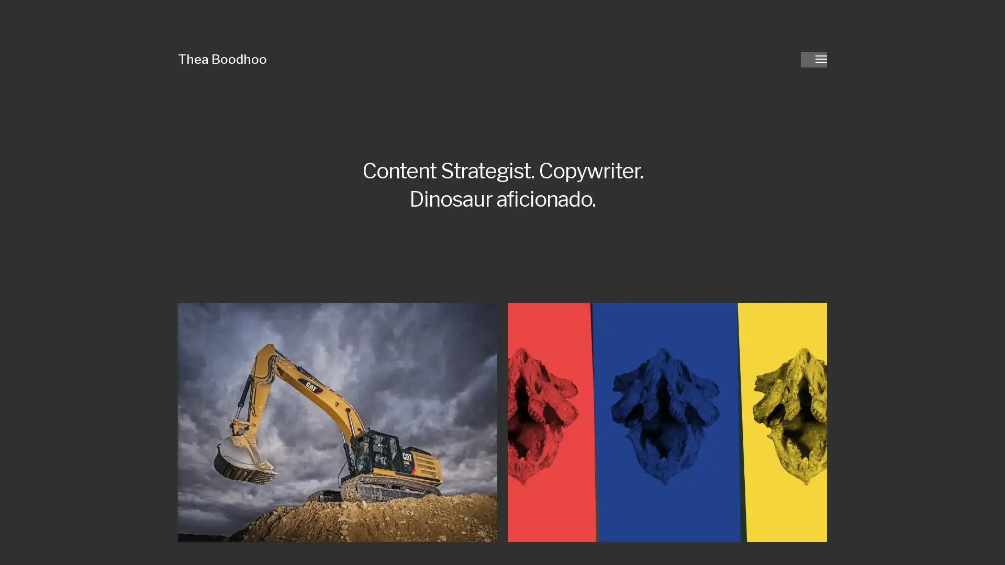 The height and width of the screenshot is (565, 1005). Describe the element at coordinates (813, 60) in the screenshot. I see `Toggle menu` at that location.